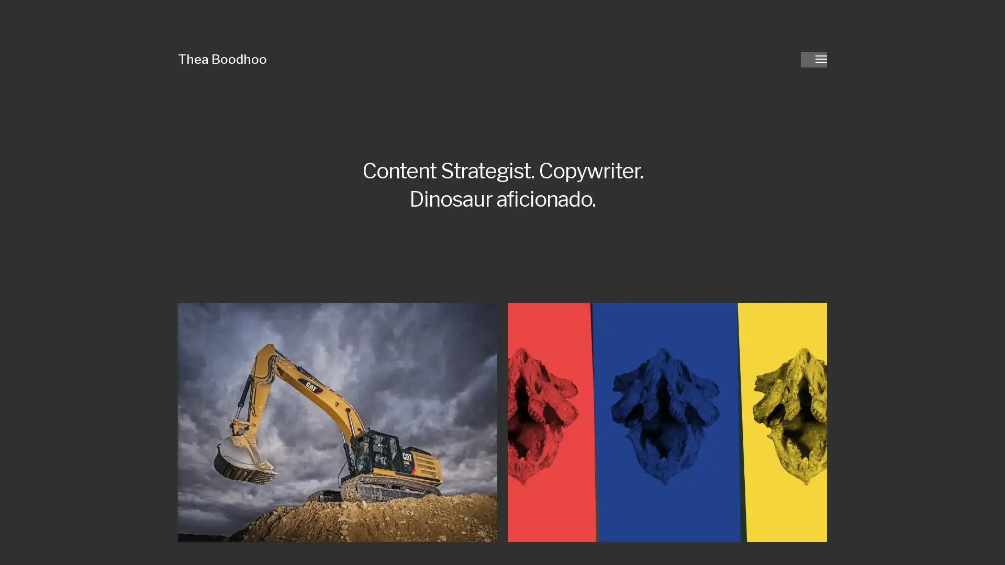 The height and width of the screenshot is (565, 1005). Describe the element at coordinates (813, 60) in the screenshot. I see `Toggle menu` at that location.